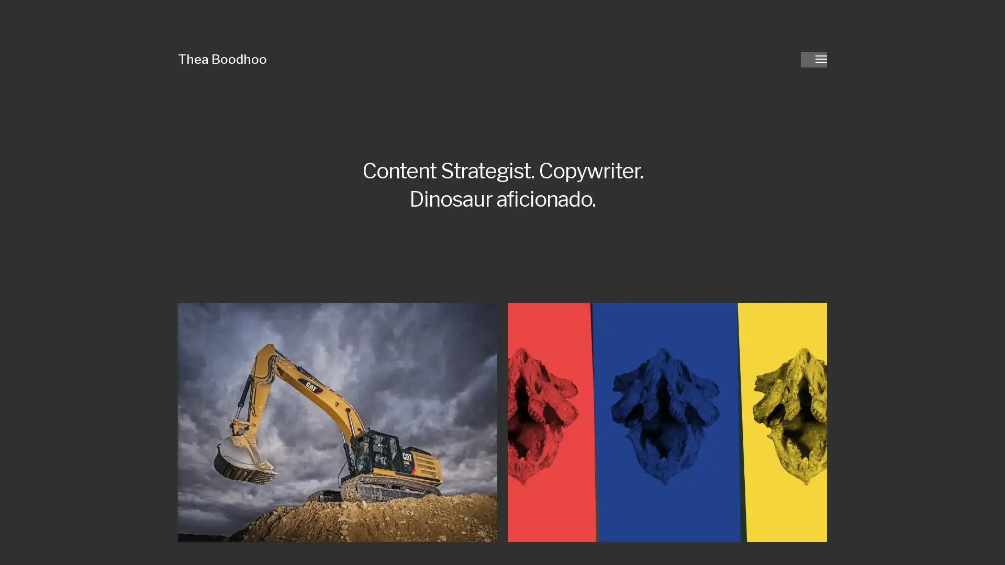 The height and width of the screenshot is (565, 1005). Describe the element at coordinates (813, 60) in the screenshot. I see `Toggle menu` at that location.